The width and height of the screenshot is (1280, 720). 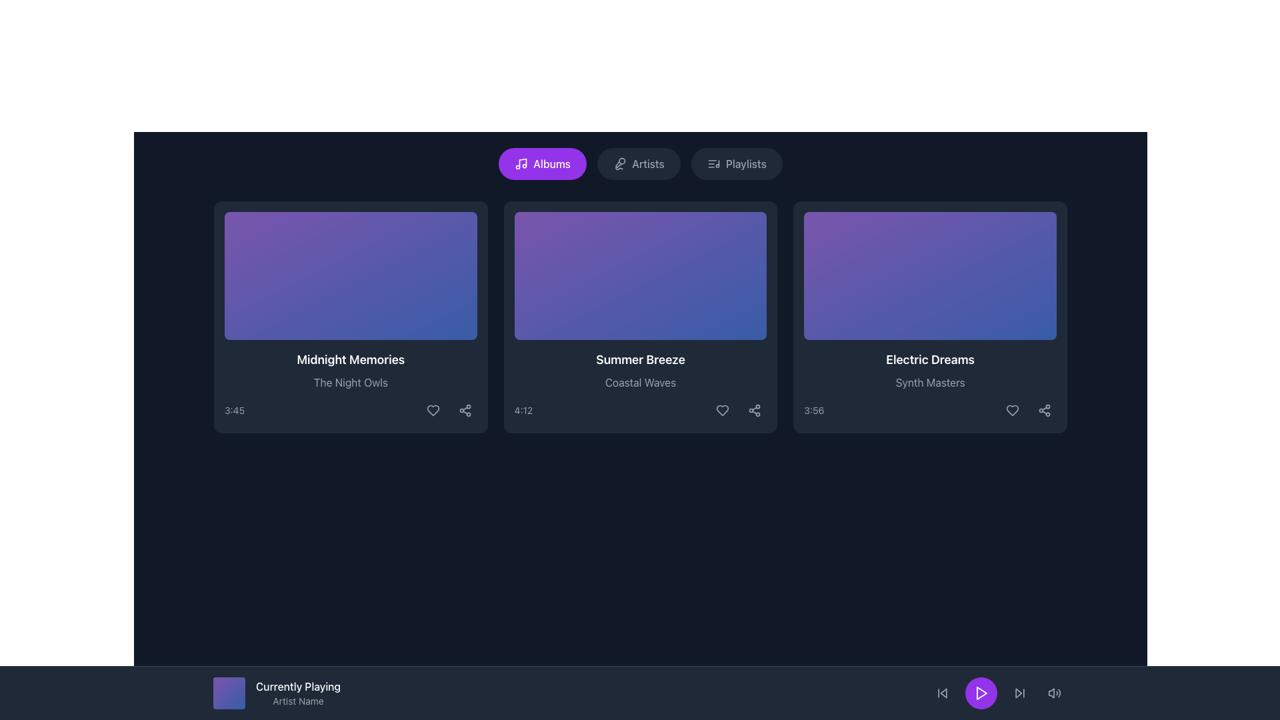 I want to click on the text label displaying 'Synth Masters' in light gray font, located beneath the 'Electric Dreams' title within the card, so click(x=929, y=383).